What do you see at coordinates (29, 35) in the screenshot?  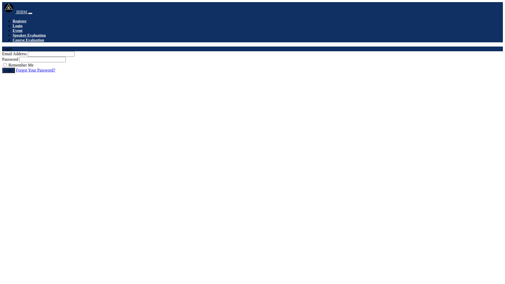 I see `'Speaker Evaluation'` at bounding box center [29, 35].